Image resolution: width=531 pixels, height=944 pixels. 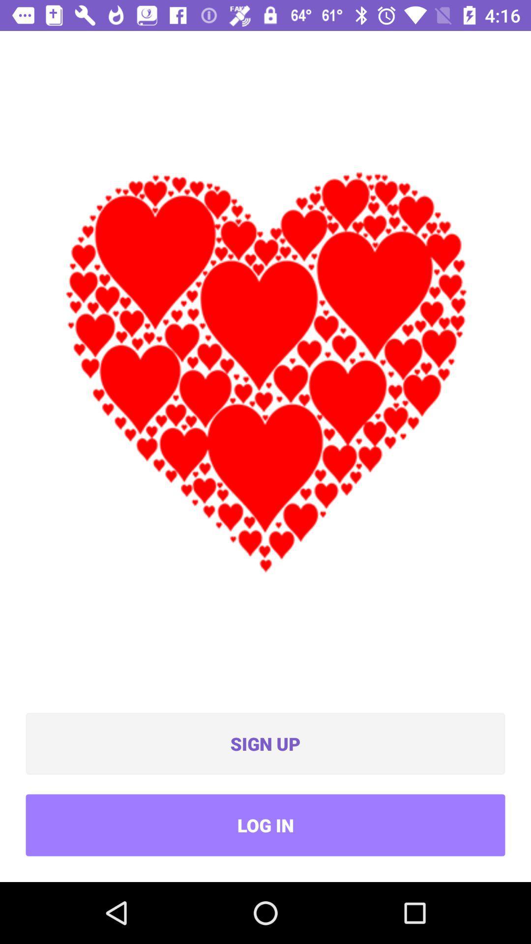 What do you see at coordinates (265, 825) in the screenshot?
I see `log in` at bounding box center [265, 825].